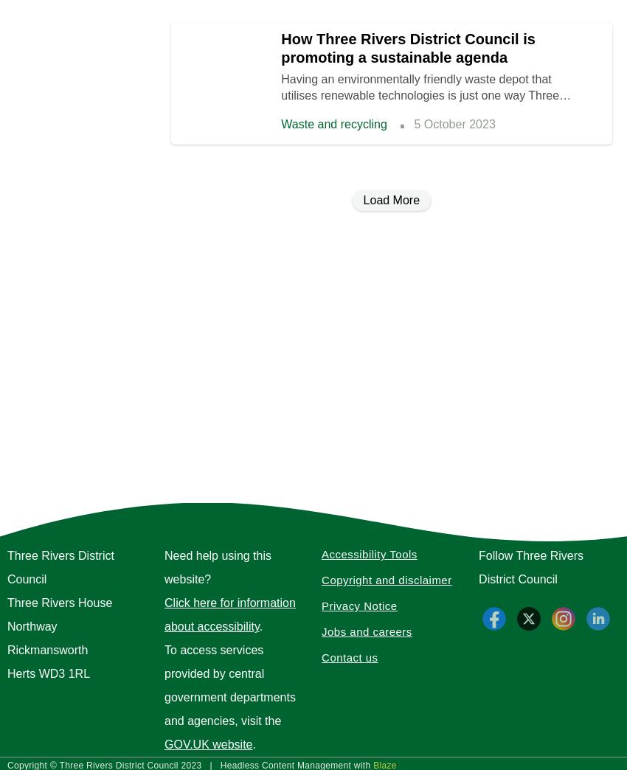 The image size is (627, 770). What do you see at coordinates (358, 605) in the screenshot?
I see `'Privacy Notice'` at bounding box center [358, 605].